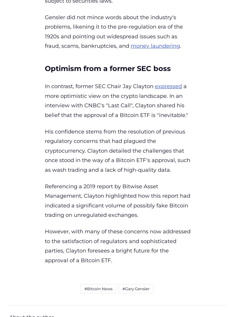 This screenshot has width=236, height=317. Describe the element at coordinates (130, 46) in the screenshot. I see `'money laundering'` at that location.